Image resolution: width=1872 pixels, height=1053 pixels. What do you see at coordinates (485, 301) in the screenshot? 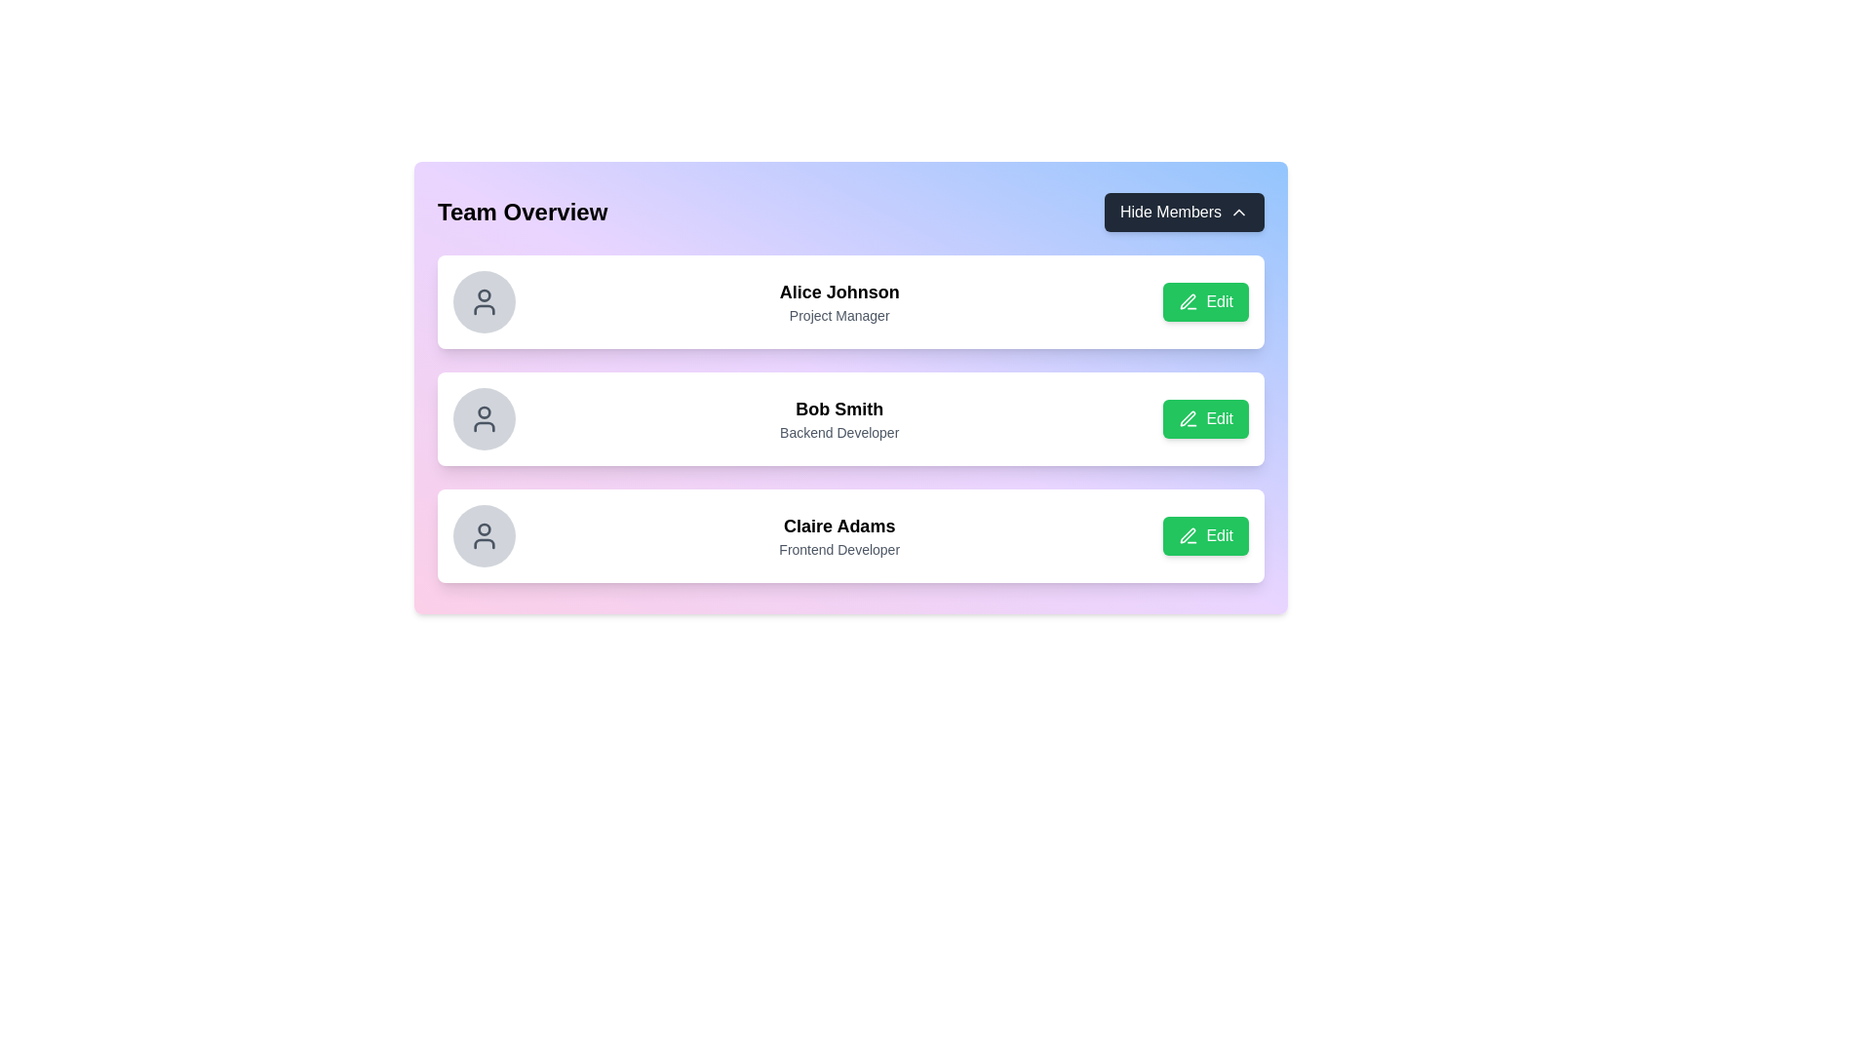
I see `the user silhouette icon representing Alice Johnson in the first row of the list, which has a light gray circular background` at bounding box center [485, 301].